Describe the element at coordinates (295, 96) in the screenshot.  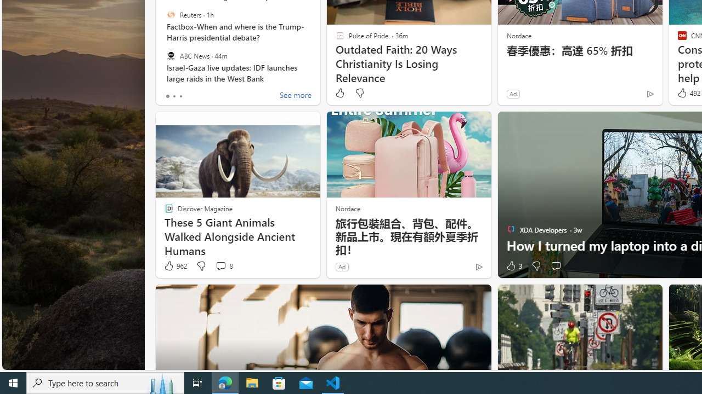
I see `'See more'` at that location.